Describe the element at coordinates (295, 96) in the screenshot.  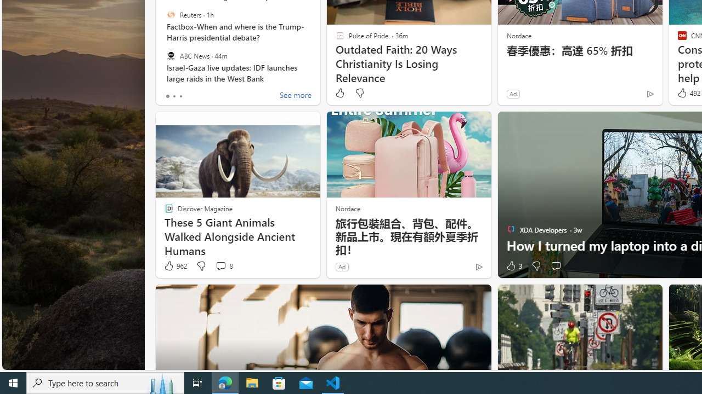
I see `'See more'` at that location.